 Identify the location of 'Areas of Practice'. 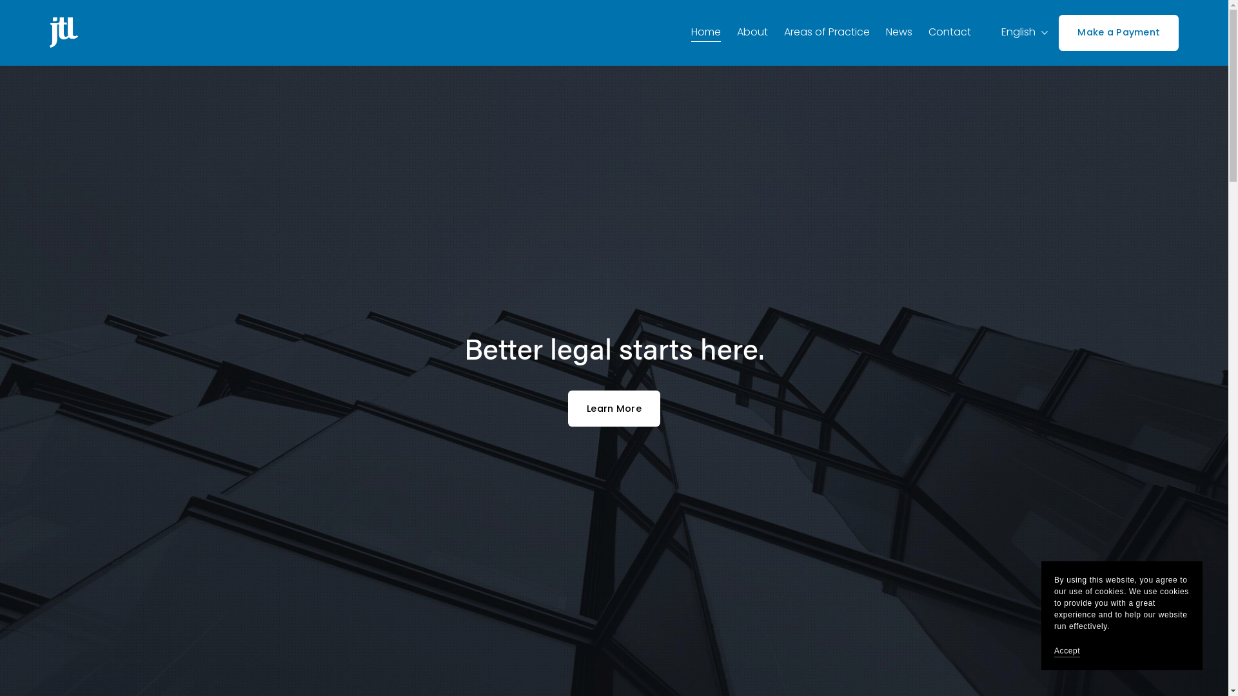
(827, 32).